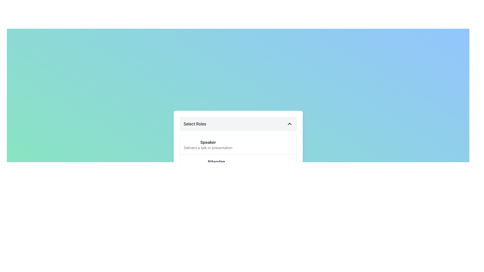 The width and height of the screenshot is (484, 272). Describe the element at coordinates (208, 142) in the screenshot. I see `the bold 'Speaker' label text located in the 'Select Roles' dropdown, positioned above the descriptive text 'Delivers a talk or presentation'` at that location.